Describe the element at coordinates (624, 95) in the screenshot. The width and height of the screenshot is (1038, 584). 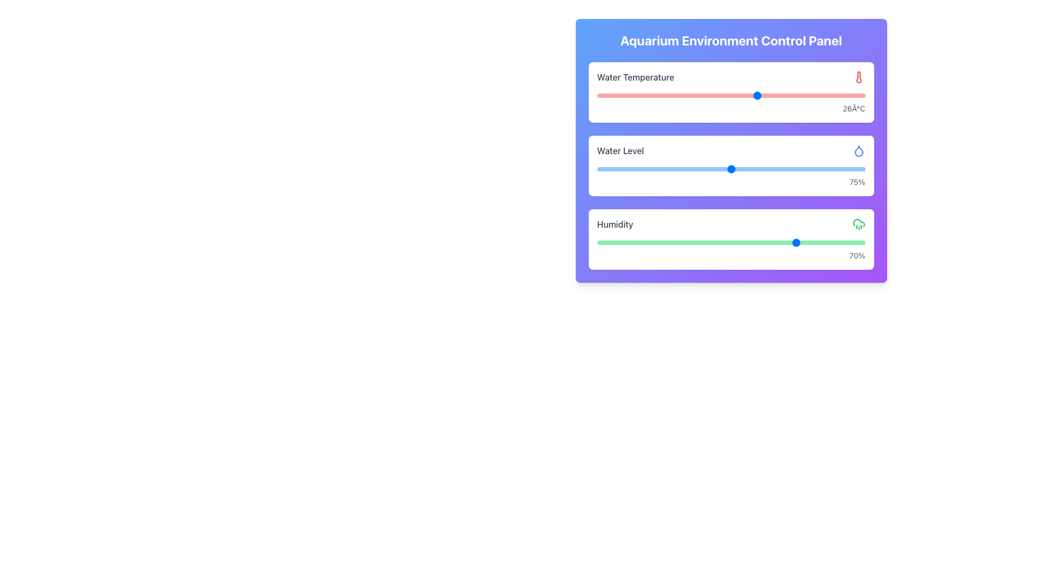
I see `temperature` at that location.